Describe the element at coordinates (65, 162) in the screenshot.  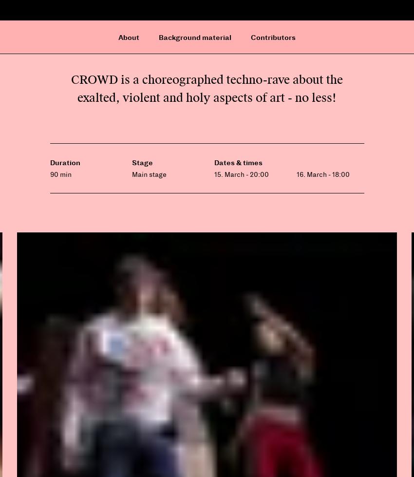
I see `'Duration'` at that location.